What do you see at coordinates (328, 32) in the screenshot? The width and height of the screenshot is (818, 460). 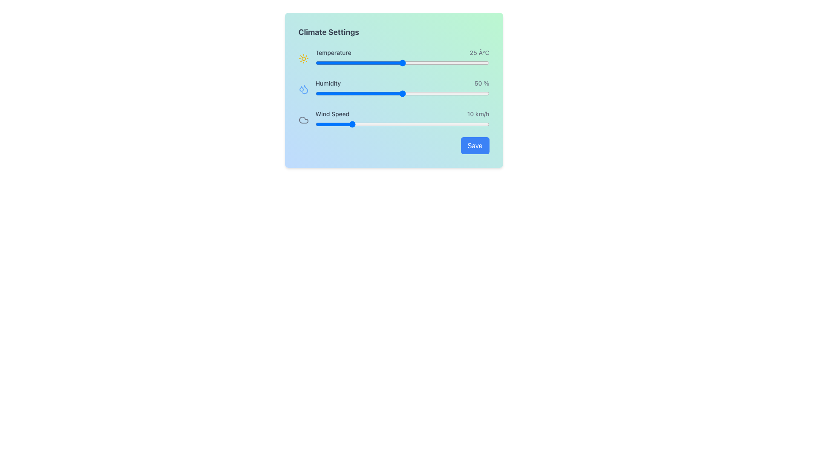 I see `the 'Climate Settings' text label, which is prominently displayed in bold, large, gray text at the top of the interface panel` at bounding box center [328, 32].